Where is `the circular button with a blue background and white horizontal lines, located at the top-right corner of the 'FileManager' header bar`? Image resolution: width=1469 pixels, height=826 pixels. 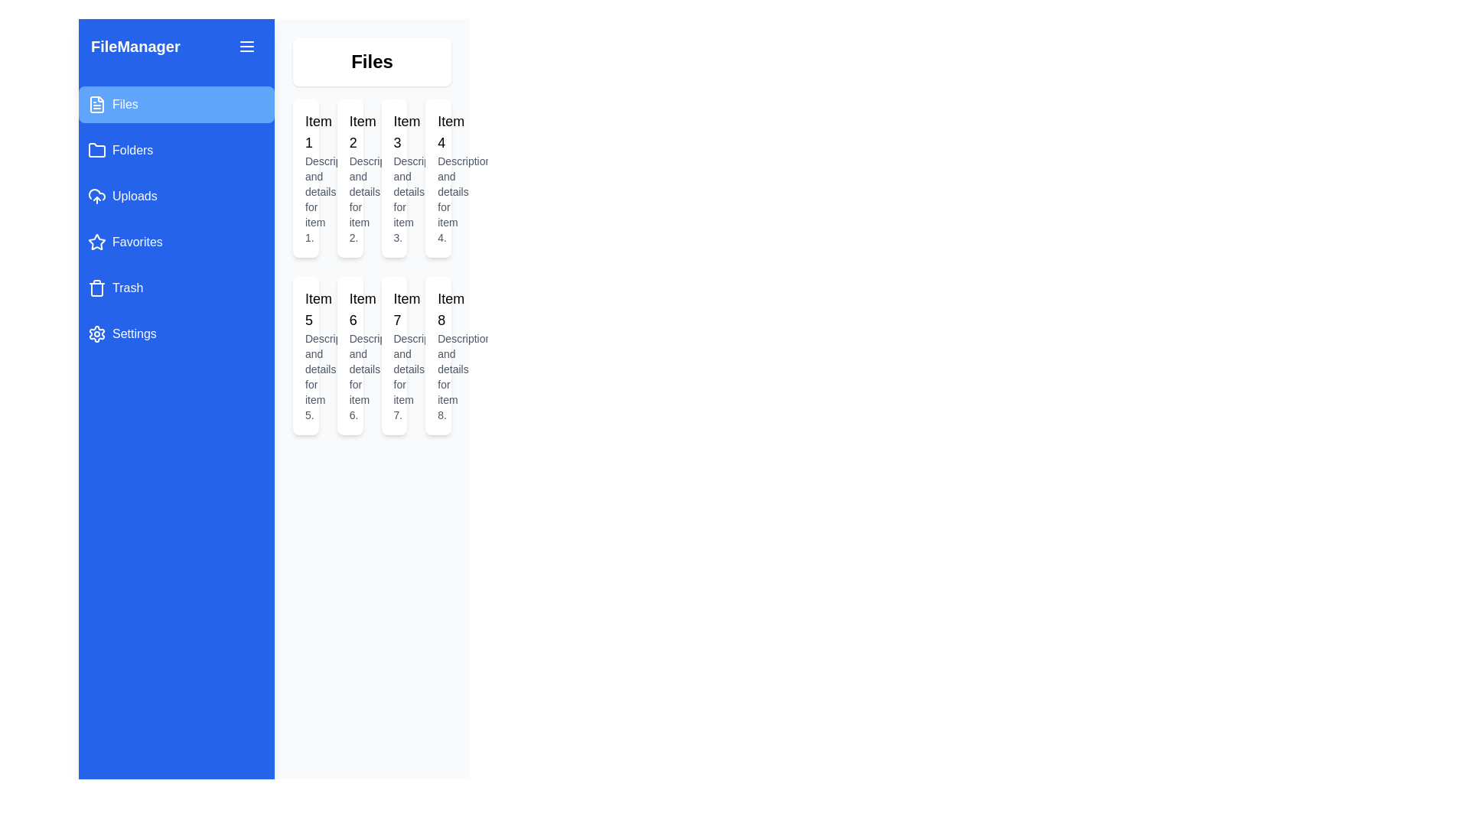
the circular button with a blue background and white horizontal lines, located at the top-right corner of the 'FileManager' header bar is located at coordinates (246, 46).